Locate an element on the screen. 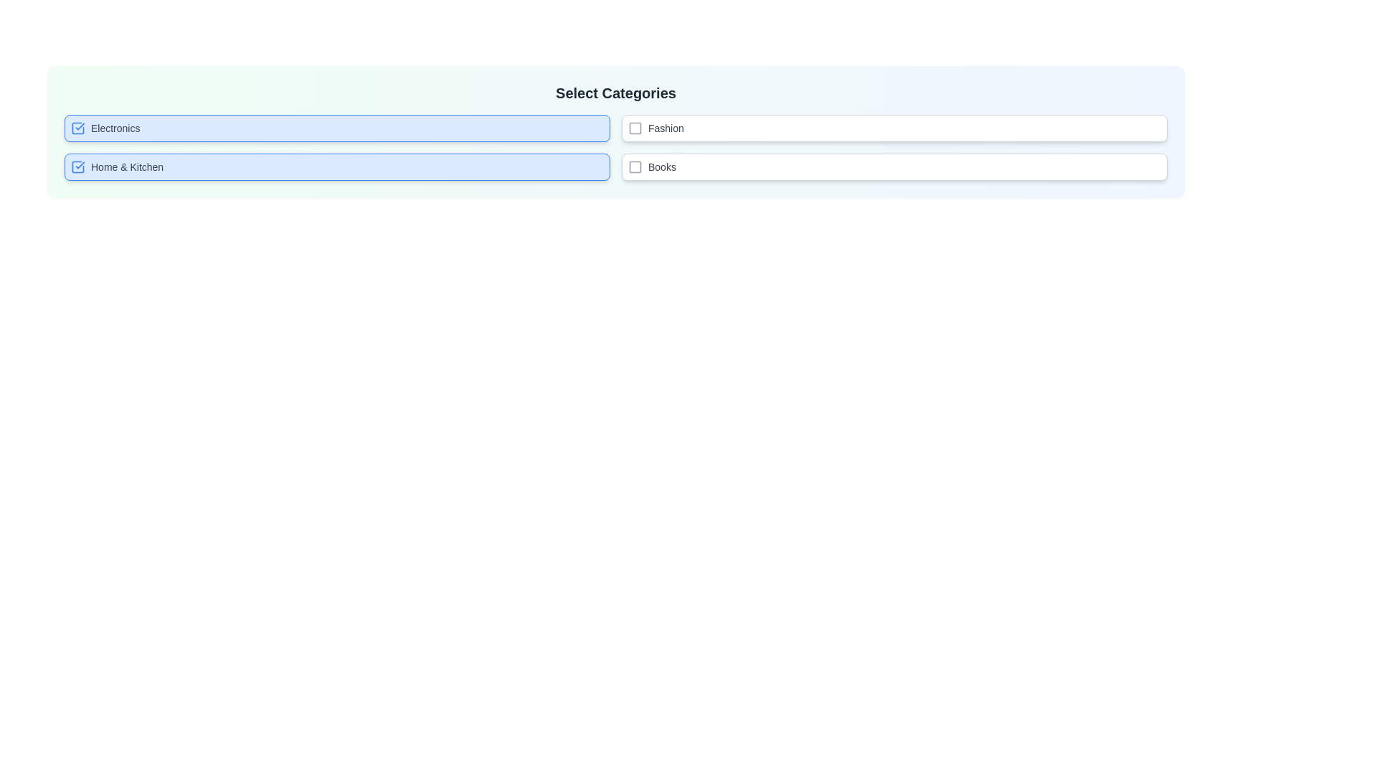 The width and height of the screenshot is (1377, 775). the outer square of the checkbox icon is located at coordinates (77, 127).